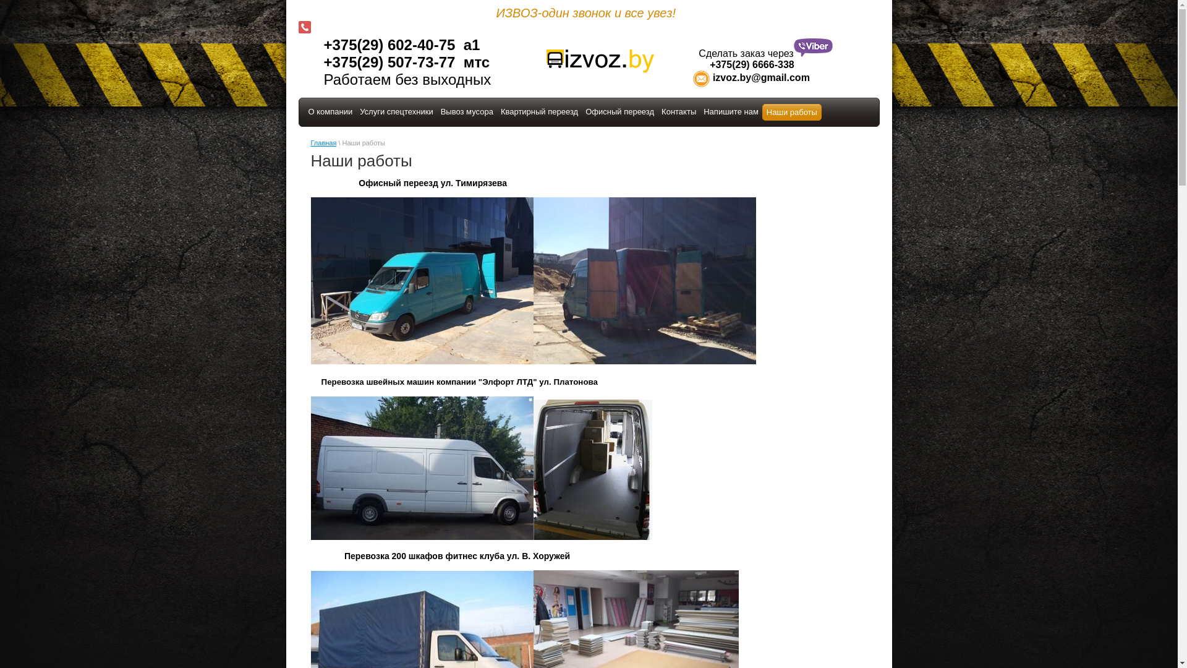 This screenshot has height=668, width=1187. Describe the element at coordinates (742, 64) in the screenshot. I see `'      +375(29) 6666-338'` at that location.